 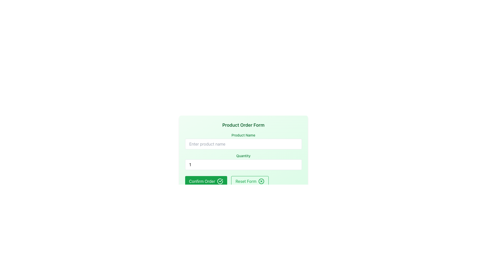 What do you see at coordinates (243, 135) in the screenshot?
I see `the 'Product Name' label element, which displays the text in green and is located above the input field for entering a product name` at bounding box center [243, 135].